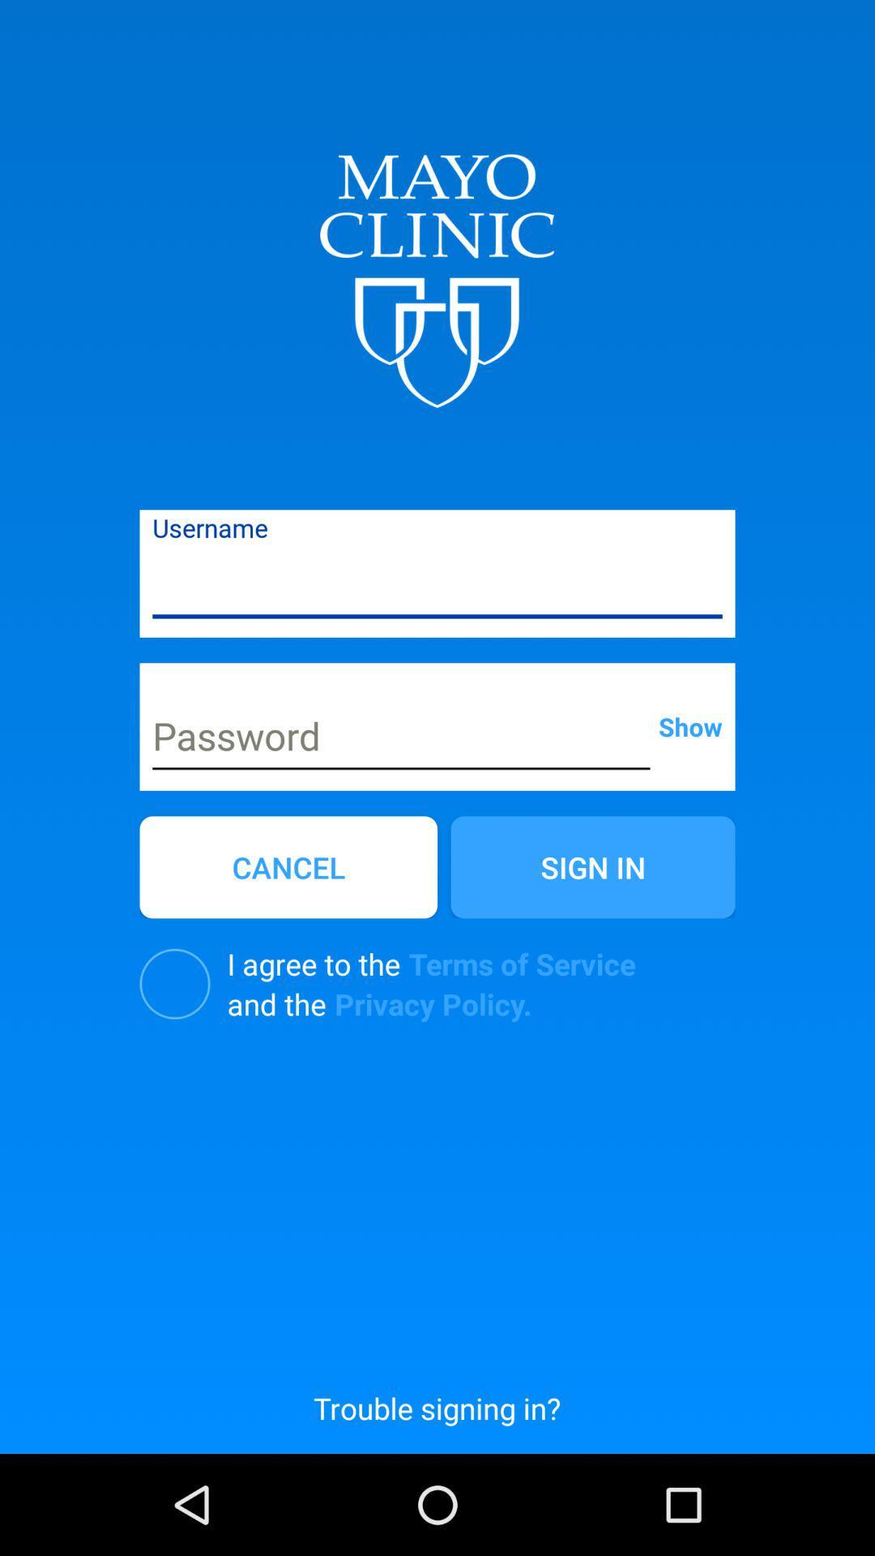  I want to click on input password, so click(401, 737).